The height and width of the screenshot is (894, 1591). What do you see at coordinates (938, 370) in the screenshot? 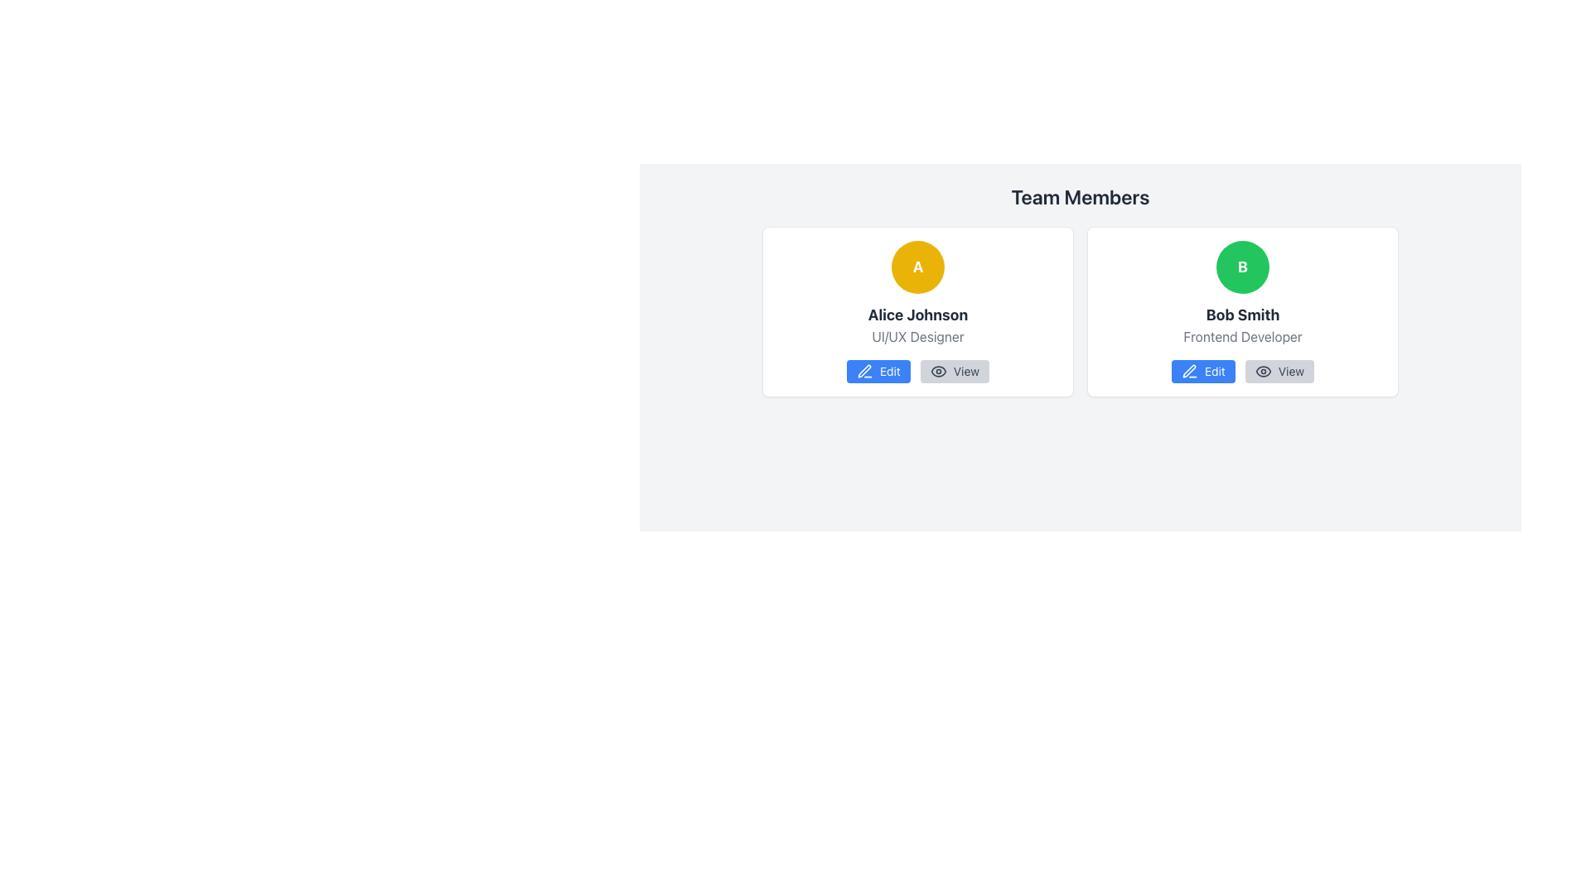
I see `the eye icon within the 'View' button for Alice Johnson located at the bottom-right corner of the card` at bounding box center [938, 370].